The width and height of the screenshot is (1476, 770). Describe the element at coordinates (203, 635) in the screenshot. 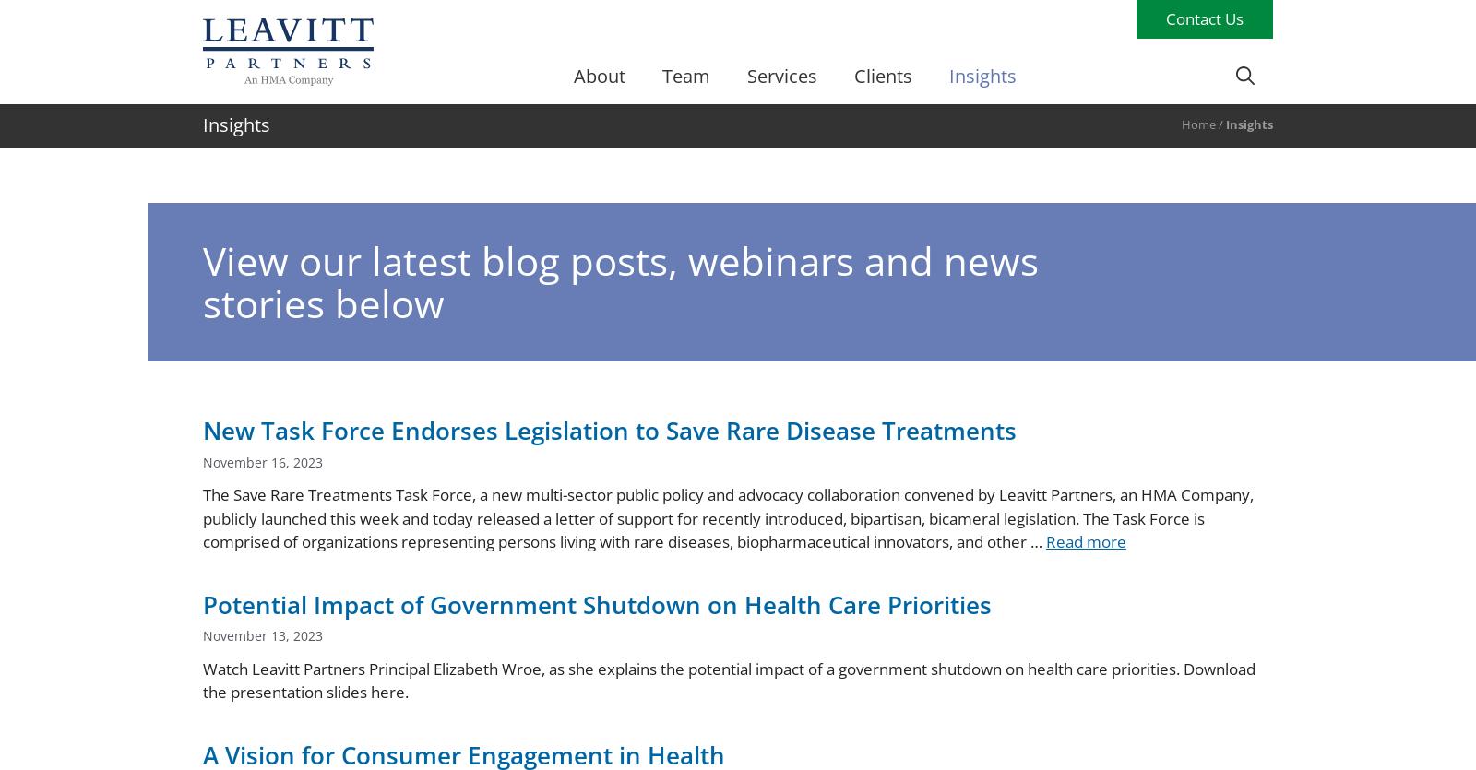

I see `'November 13, 2023'` at that location.